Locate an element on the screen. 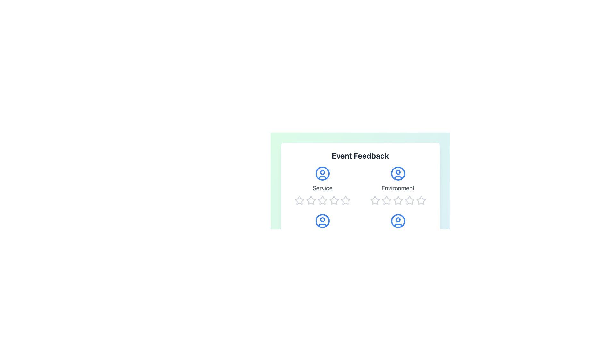 The height and width of the screenshot is (346, 615). the fourth interactive star icon in the rating section under the 'Environment' label is located at coordinates (421, 200).